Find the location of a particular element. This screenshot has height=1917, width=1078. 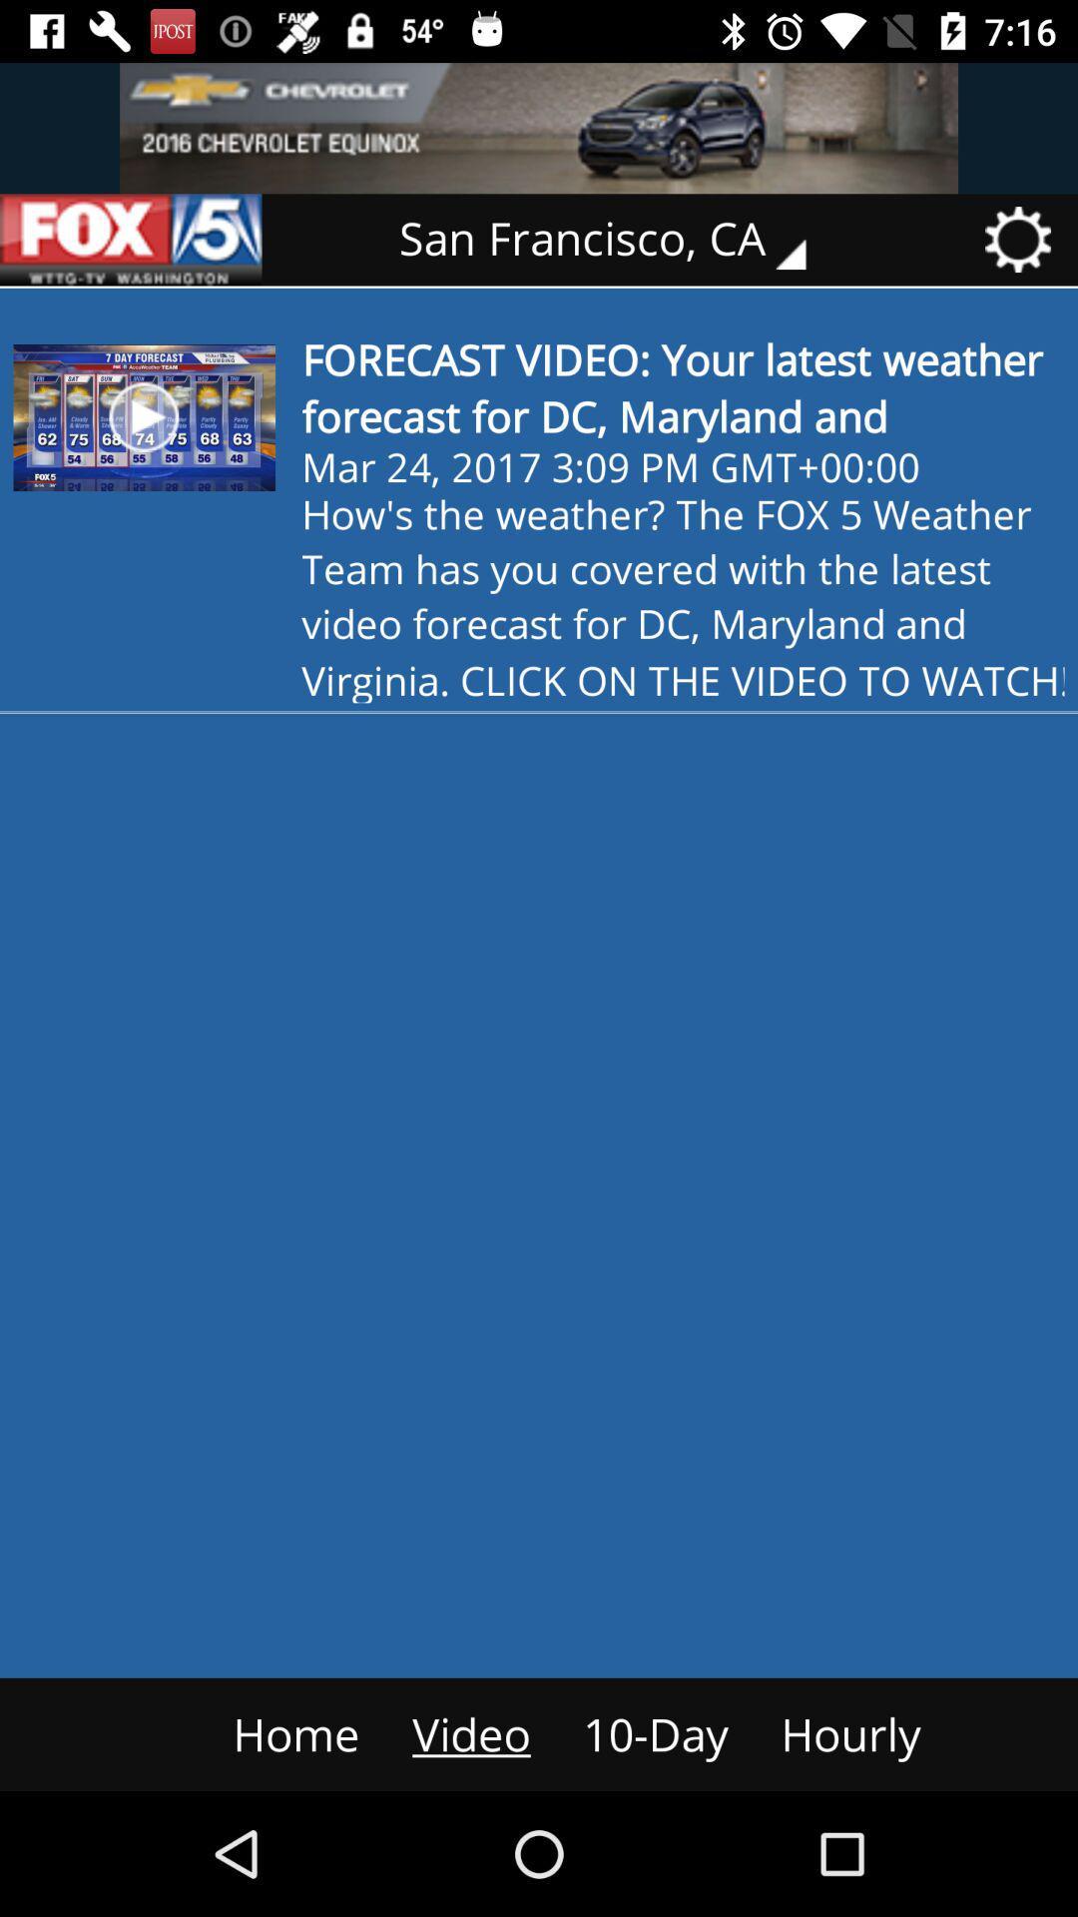

go back is located at coordinates (131, 240).